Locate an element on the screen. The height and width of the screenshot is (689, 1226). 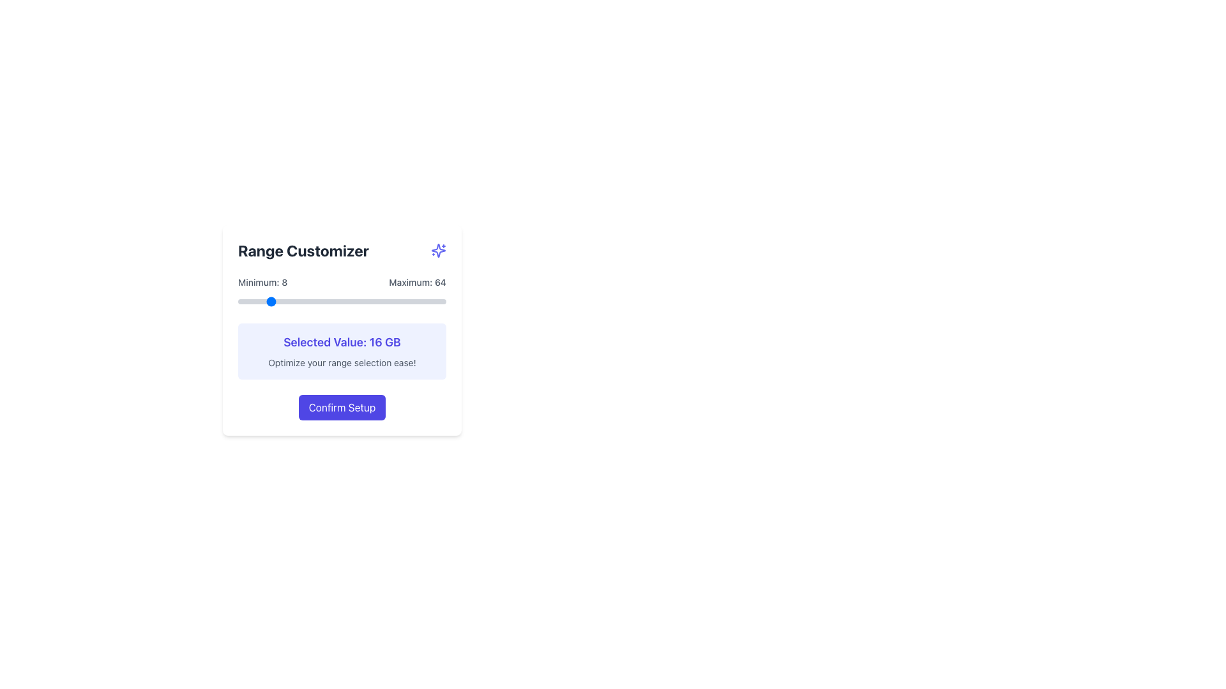
the decorative branding icon located in the top-right corner of the 'Range Customizer' card is located at coordinates (438, 251).